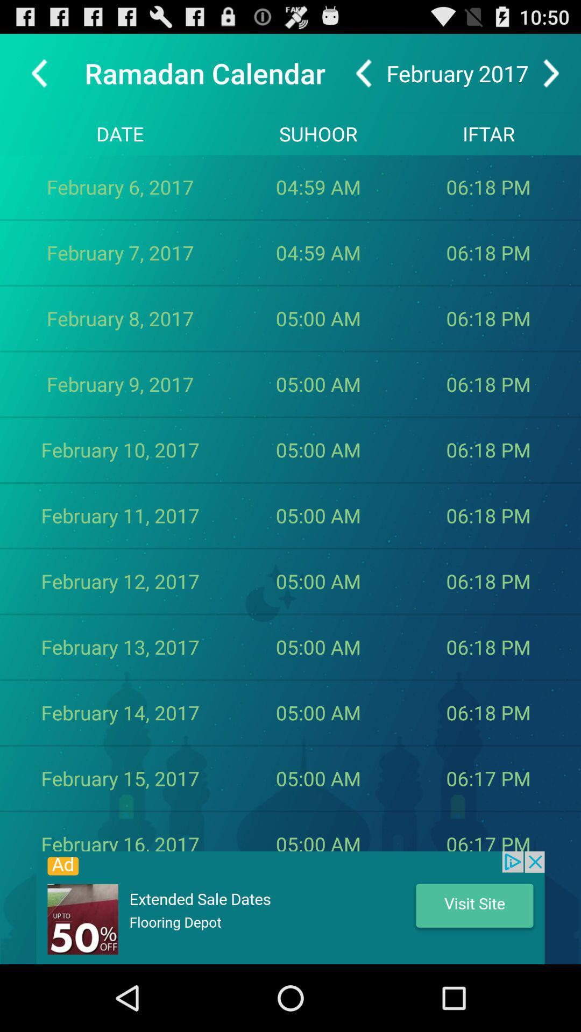 Image resolution: width=581 pixels, height=1032 pixels. What do you see at coordinates (290, 907) in the screenshot?
I see `this app is specially dedicated to muslim brothers and sisters` at bounding box center [290, 907].